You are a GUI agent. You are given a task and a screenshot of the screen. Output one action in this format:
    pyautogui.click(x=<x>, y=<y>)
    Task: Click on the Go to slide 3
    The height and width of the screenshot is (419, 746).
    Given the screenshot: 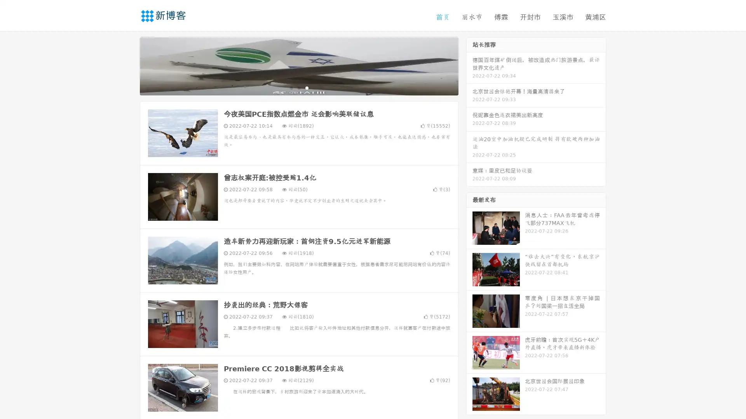 What is the action you would take?
    pyautogui.click(x=307, y=87)
    